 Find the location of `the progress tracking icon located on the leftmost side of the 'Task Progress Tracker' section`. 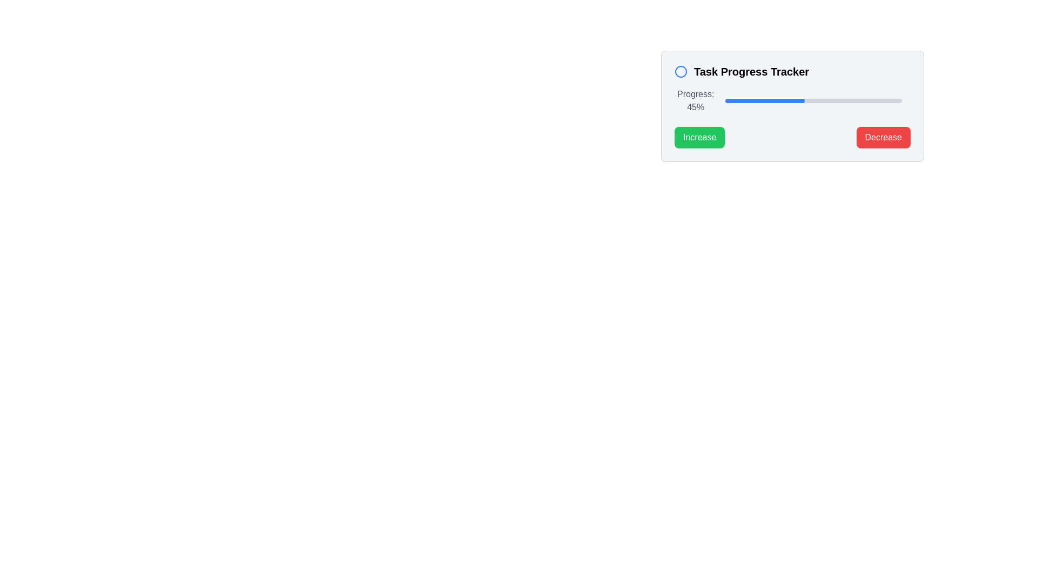

the progress tracking icon located on the leftmost side of the 'Task Progress Tracker' section is located at coordinates (681, 71).